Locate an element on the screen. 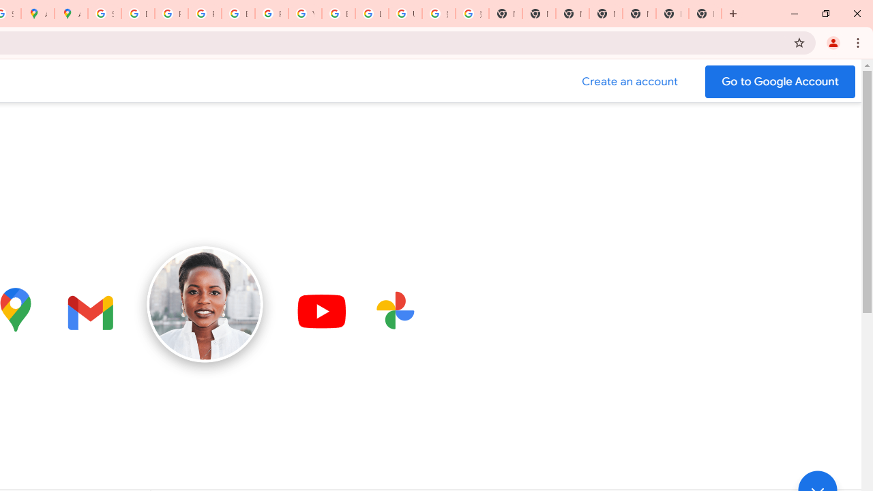 This screenshot has height=491, width=873. 'YouTube' is located at coordinates (304, 14).